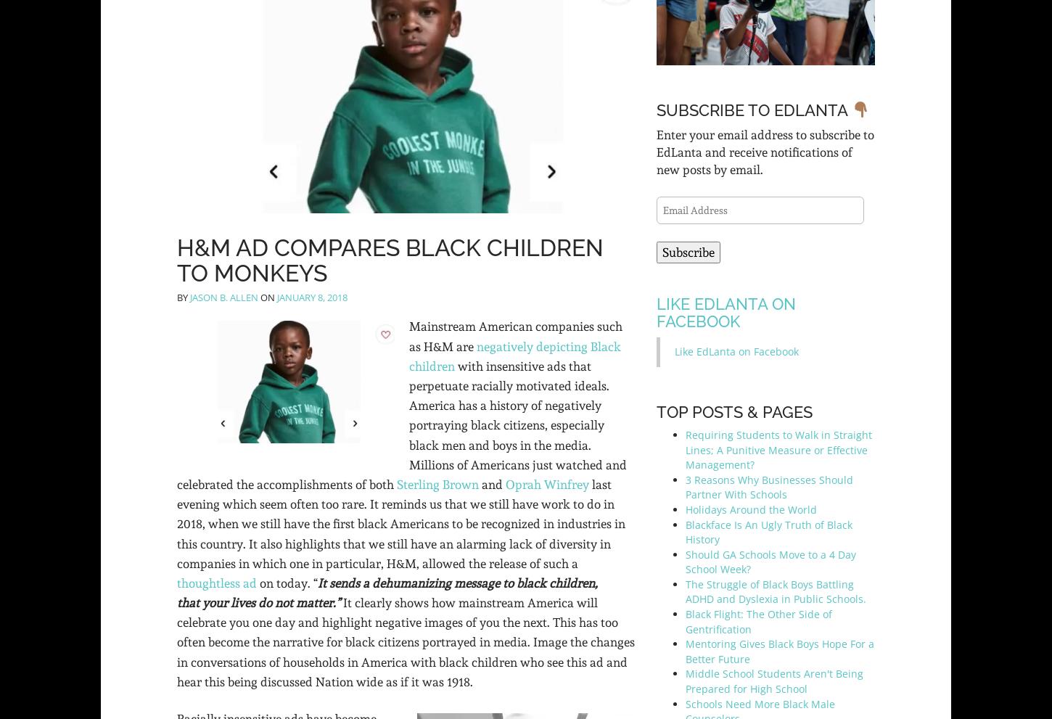  I want to click on 'Enter your email address to subscribe to EdLanta and receive notifications of new posts by email.', so click(765, 151).